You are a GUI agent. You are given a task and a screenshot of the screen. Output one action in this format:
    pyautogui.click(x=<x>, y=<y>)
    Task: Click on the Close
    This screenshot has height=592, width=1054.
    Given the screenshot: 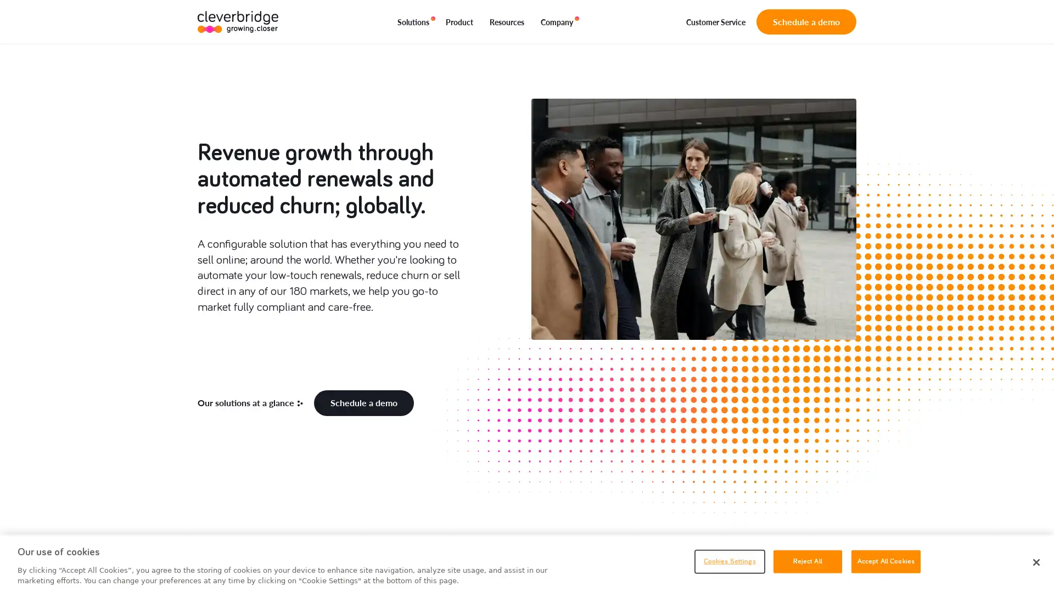 What is the action you would take?
    pyautogui.click(x=1035, y=562)
    